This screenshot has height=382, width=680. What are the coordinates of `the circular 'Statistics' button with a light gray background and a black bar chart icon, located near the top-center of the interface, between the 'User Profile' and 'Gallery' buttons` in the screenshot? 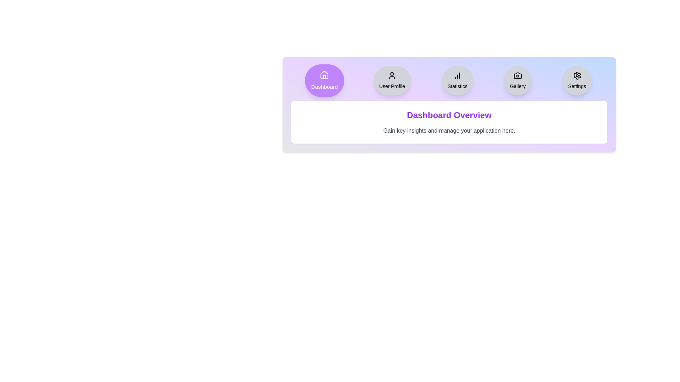 It's located at (457, 80).